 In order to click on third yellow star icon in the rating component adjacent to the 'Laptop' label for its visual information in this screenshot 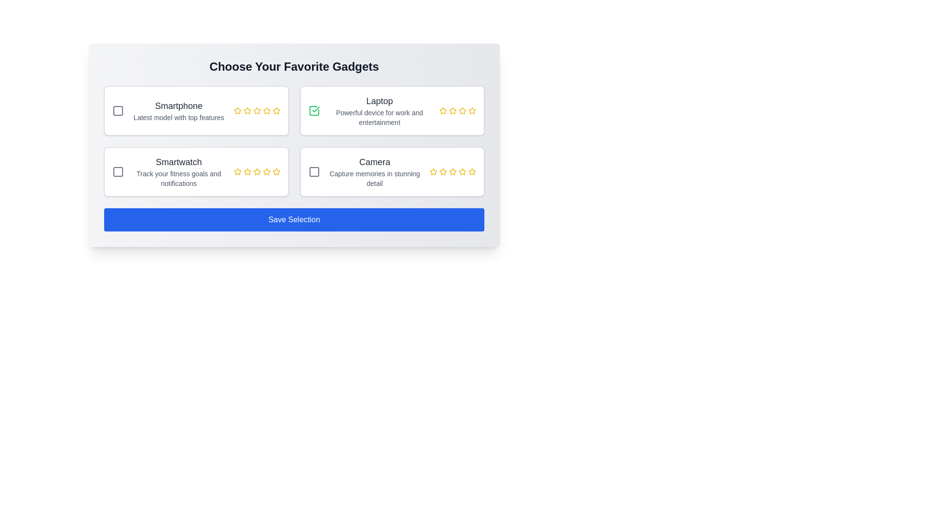, I will do `click(452, 110)`.